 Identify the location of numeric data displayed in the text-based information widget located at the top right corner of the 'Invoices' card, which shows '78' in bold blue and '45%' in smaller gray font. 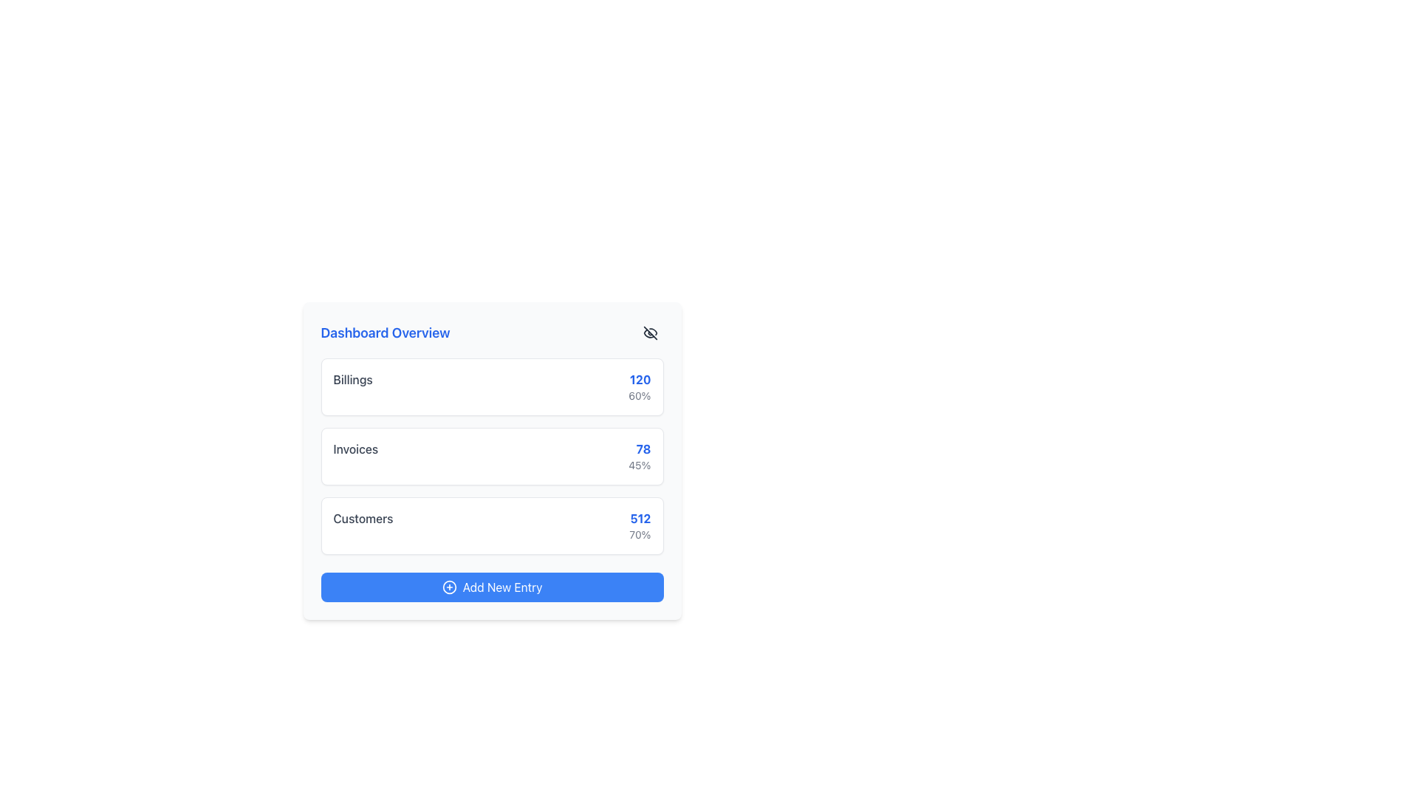
(640, 455).